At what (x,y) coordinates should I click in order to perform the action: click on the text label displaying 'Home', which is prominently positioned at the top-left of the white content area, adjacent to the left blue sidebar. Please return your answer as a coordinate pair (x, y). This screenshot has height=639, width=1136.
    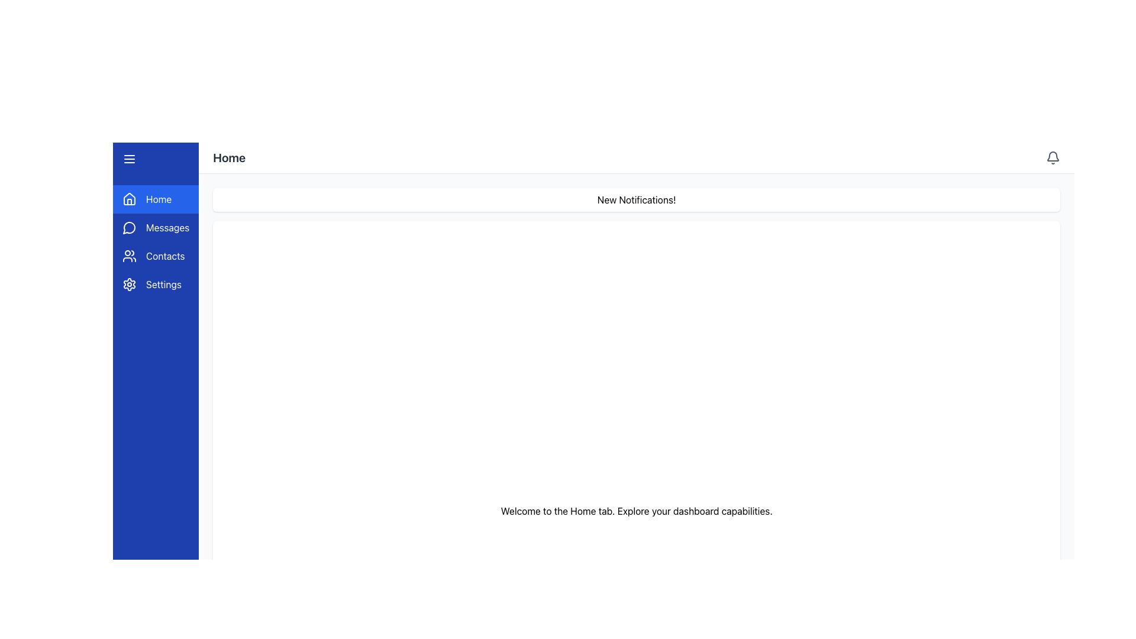
    Looking at the image, I should click on (229, 157).